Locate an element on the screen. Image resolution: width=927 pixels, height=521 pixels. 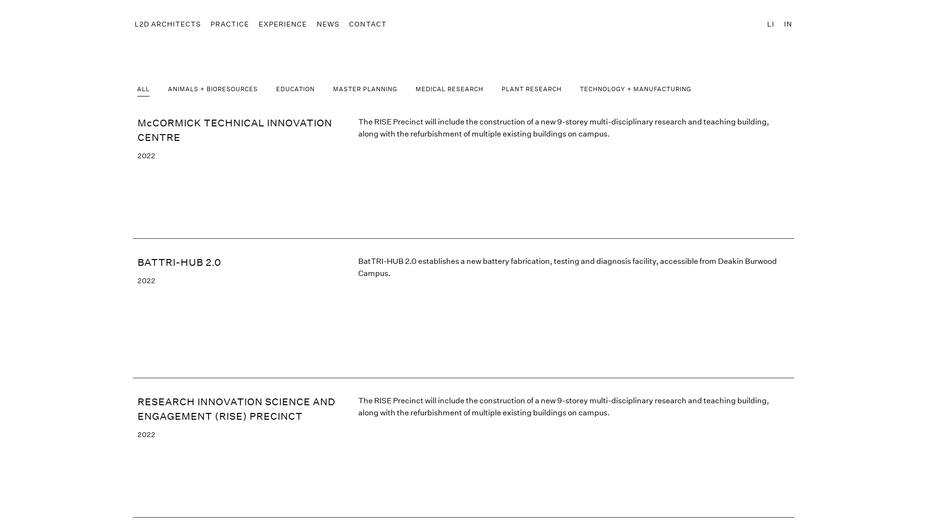
'NEWS' is located at coordinates (314, 24).